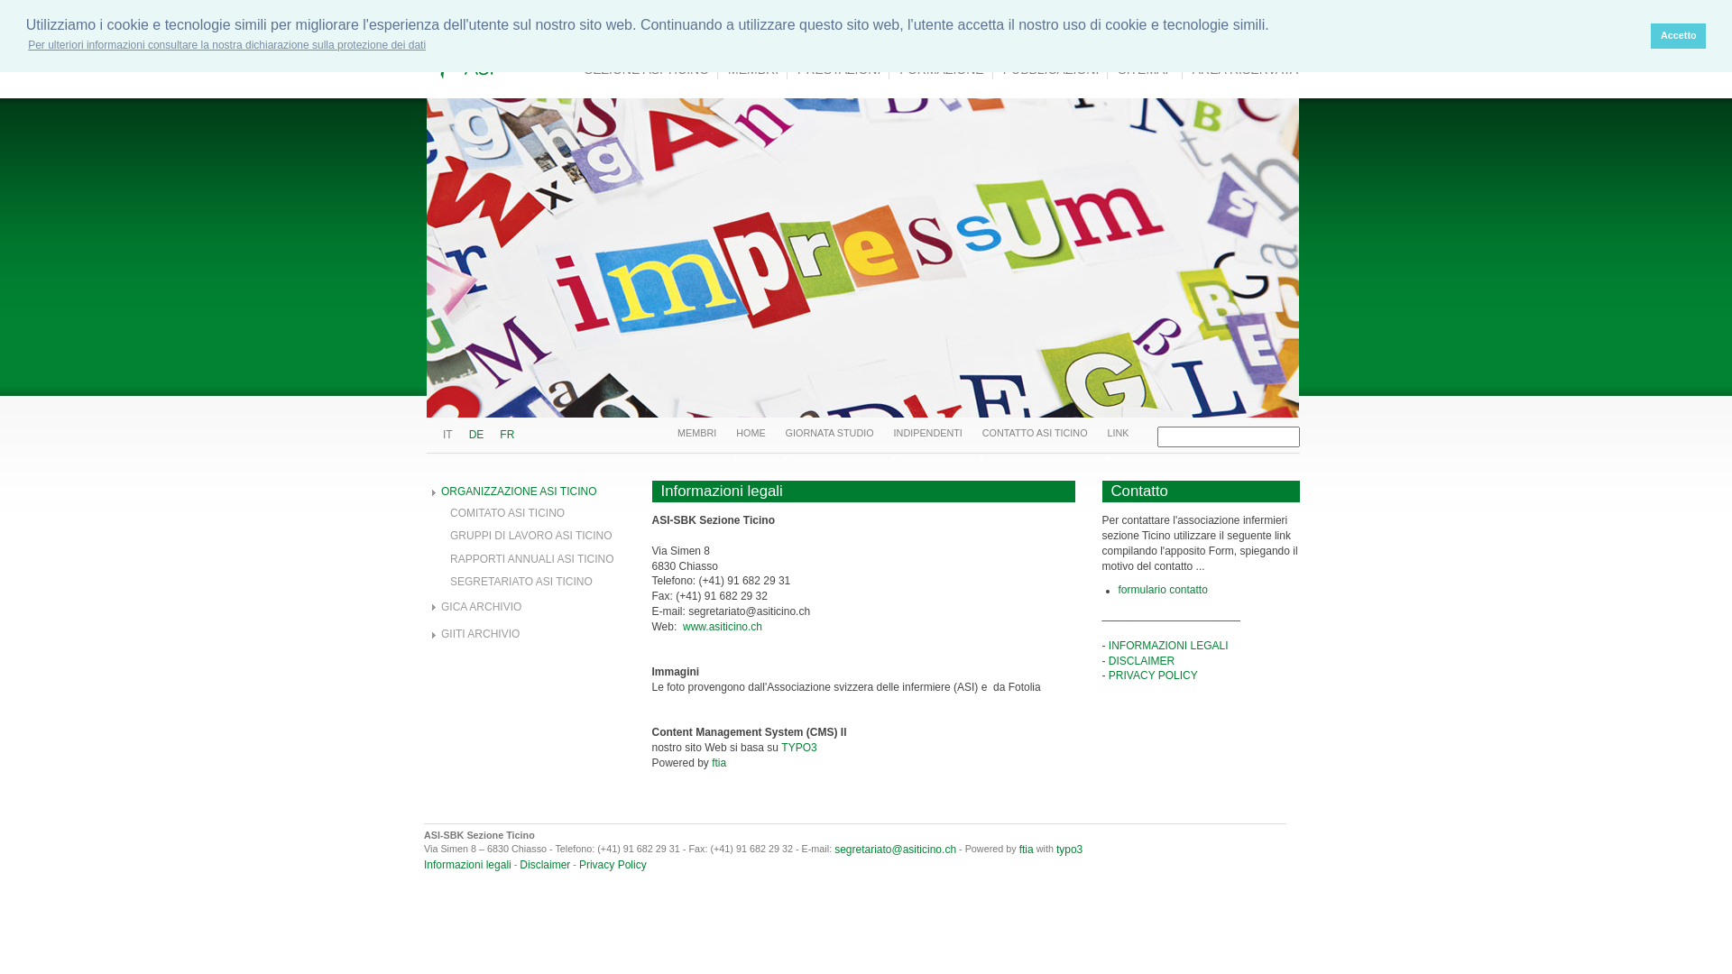 The height and width of the screenshot is (974, 1732). I want to click on 'formulario contatto', so click(1163, 590).